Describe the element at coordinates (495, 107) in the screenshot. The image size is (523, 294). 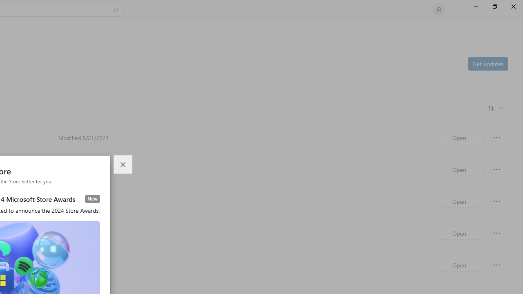
I see `'Sort and filter'` at that location.